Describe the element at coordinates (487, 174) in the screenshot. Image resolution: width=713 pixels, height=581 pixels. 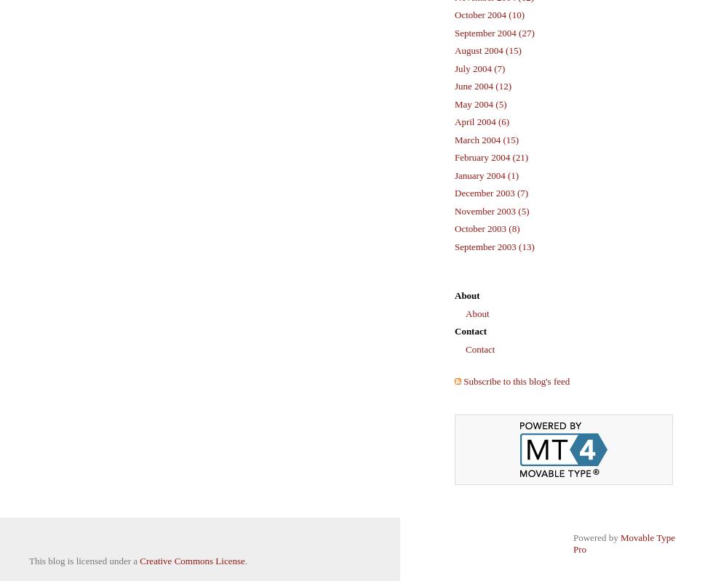
I see `'January 2004 (1)'` at that location.